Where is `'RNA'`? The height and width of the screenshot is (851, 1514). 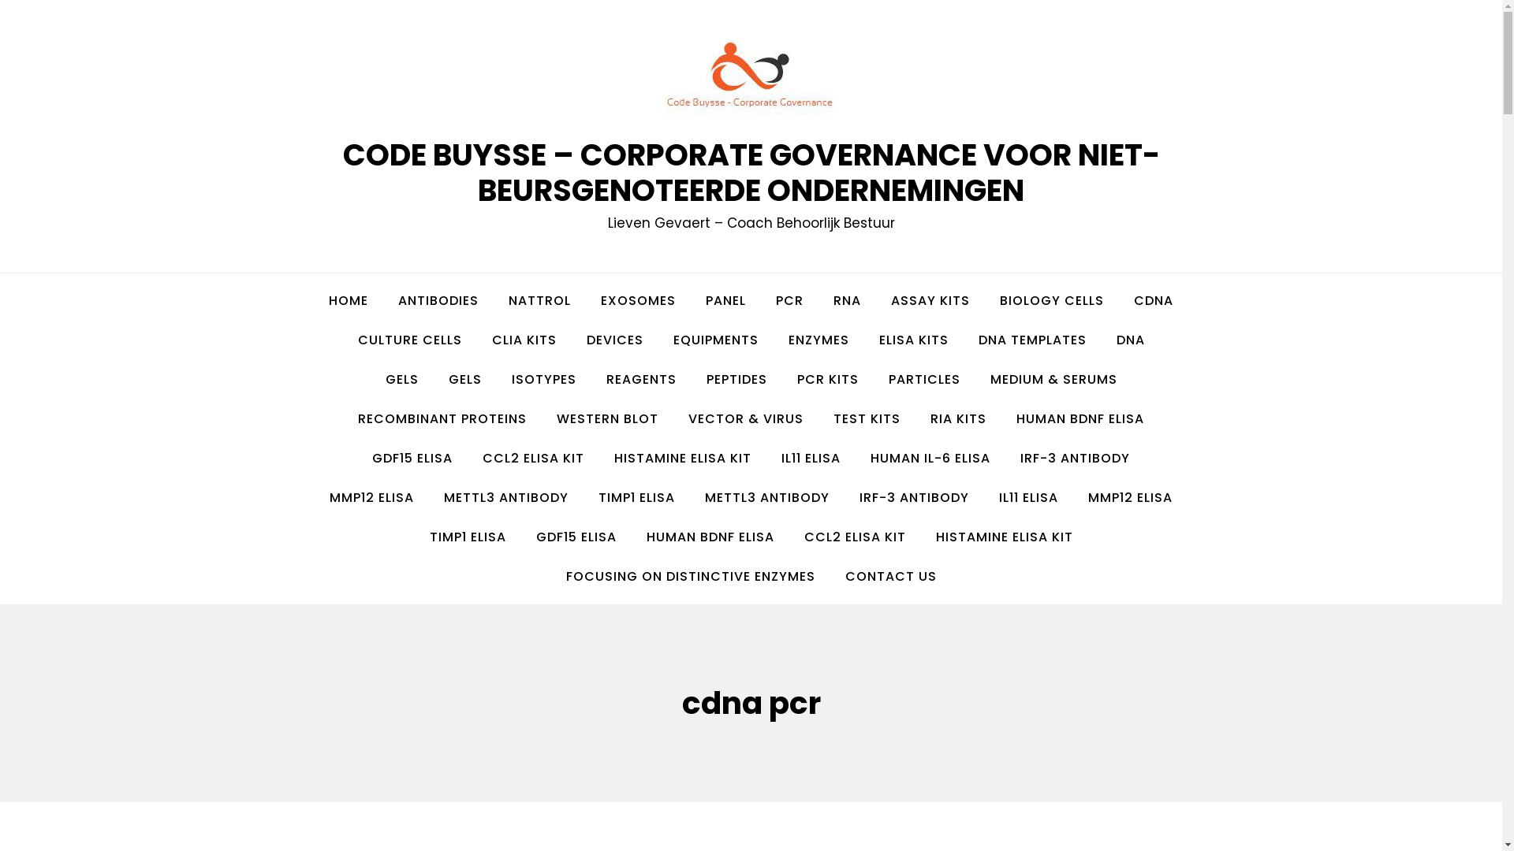 'RNA' is located at coordinates (846, 300).